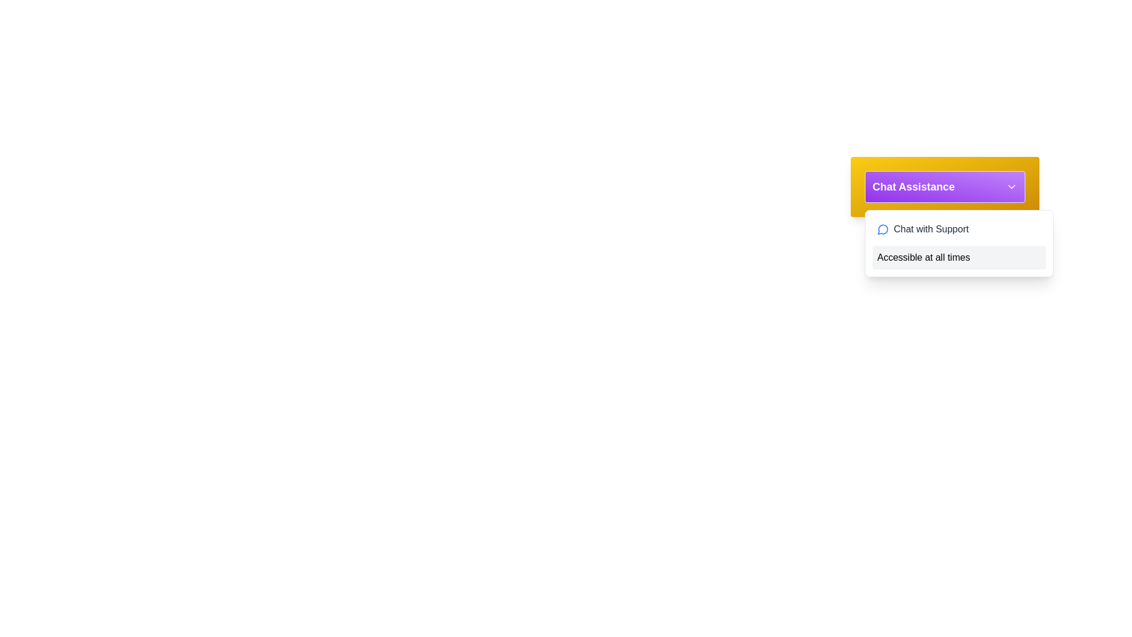 The width and height of the screenshot is (1132, 637). Describe the element at coordinates (959, 257) in the screenshot. I see `the Text Label that provides additional information or options related to support accessibility, located directly below the 'Chat with Support' text in the dropdown menu` at that location.